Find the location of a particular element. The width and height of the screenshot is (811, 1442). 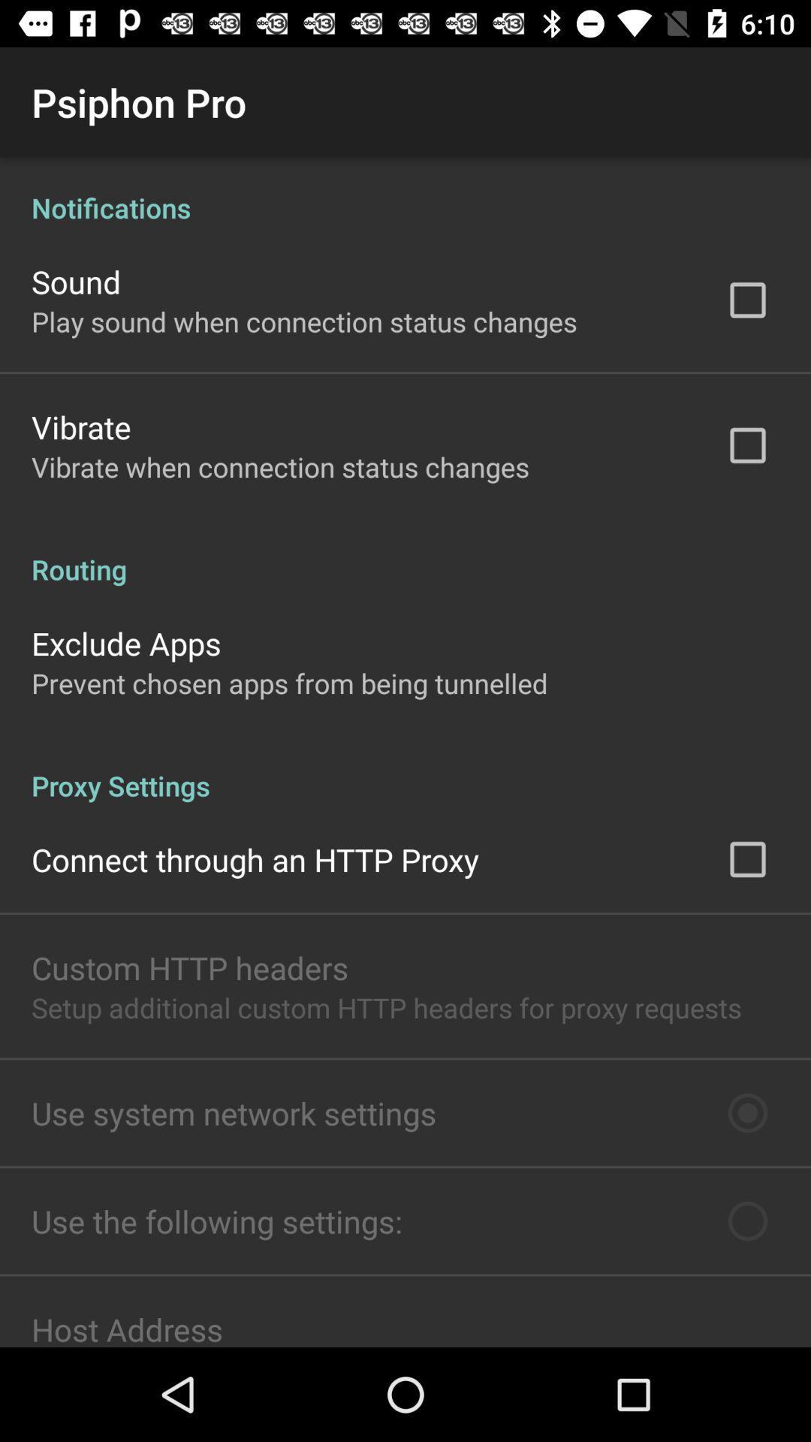

the use system network icon is located at coordinates (234, 1113).